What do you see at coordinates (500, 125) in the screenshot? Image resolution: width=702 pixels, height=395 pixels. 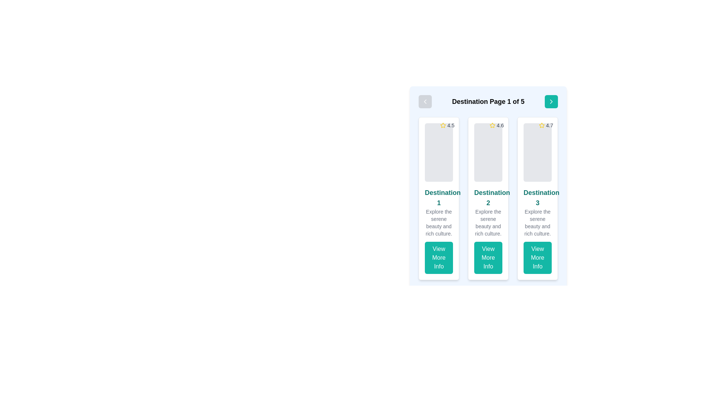 I see `the text label displaying '4.6', which is gray and located in the top-right corner of the middle card, adjacent to a yellow star icon` at bounding box center [500, 125].